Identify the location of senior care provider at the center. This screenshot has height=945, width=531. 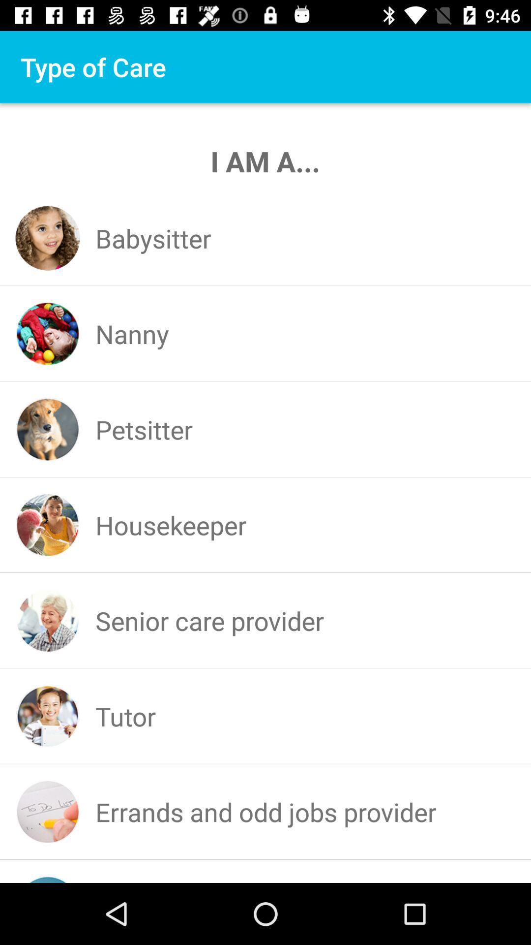
(209, 620).